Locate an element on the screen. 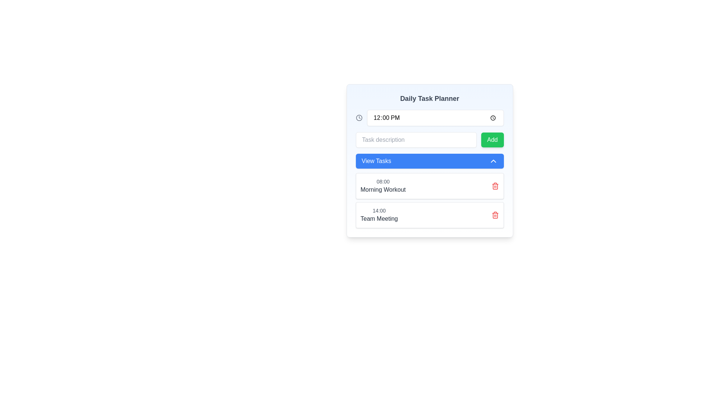 This screenshot has width=714, height=402. the text of the task title label located in the center-right section of the interface, below the time label '14:00' is located at coordinates (379, 218).